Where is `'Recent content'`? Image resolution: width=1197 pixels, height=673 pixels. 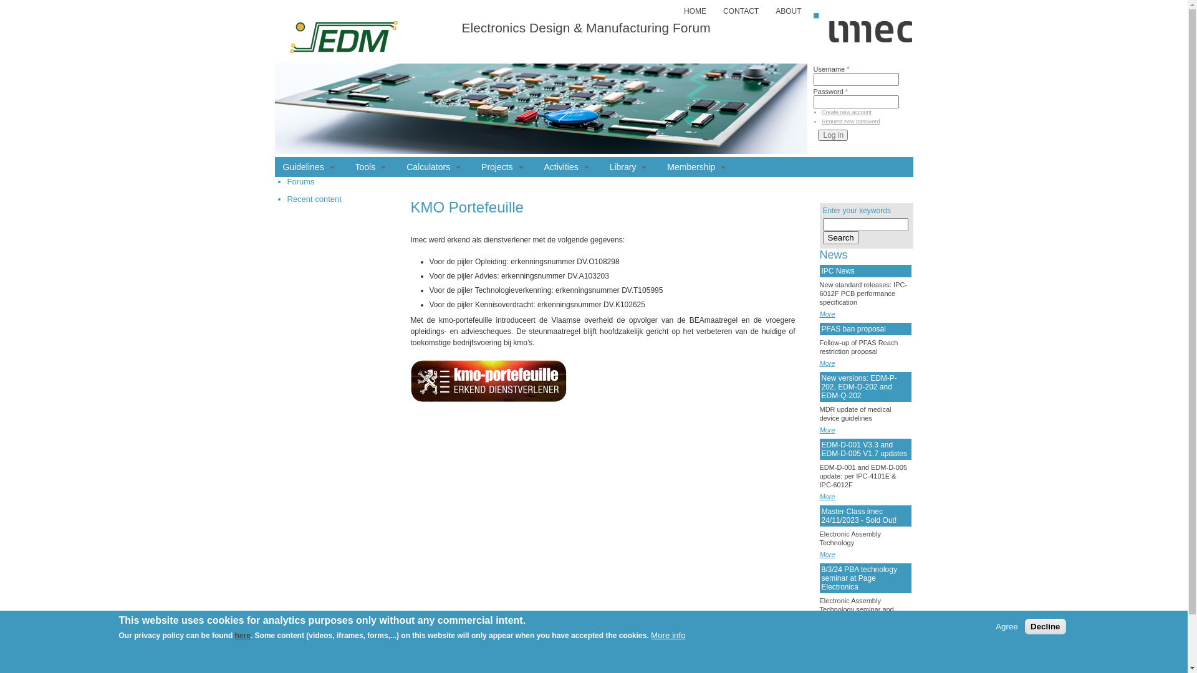 'Recent content' is located at coordinates (286, 198).